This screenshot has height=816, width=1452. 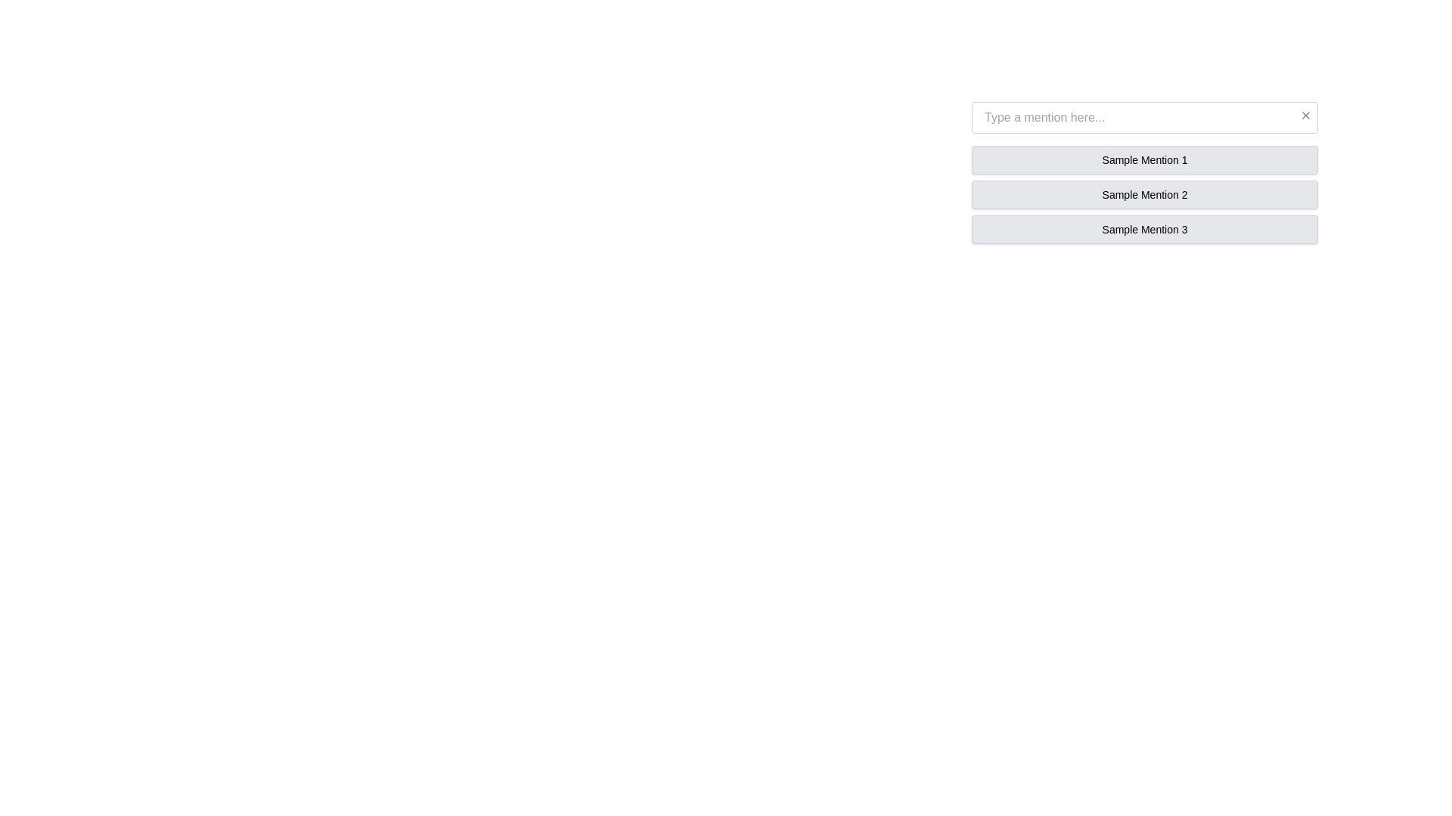 What do you see at coordinates (1144, 194) in the screenshot?
I see `the list of text items labeled as 'Sample Mention 1', 'Sample Mention 2', and 'Sample Mention 3'` at bounding box center [1144, 194].